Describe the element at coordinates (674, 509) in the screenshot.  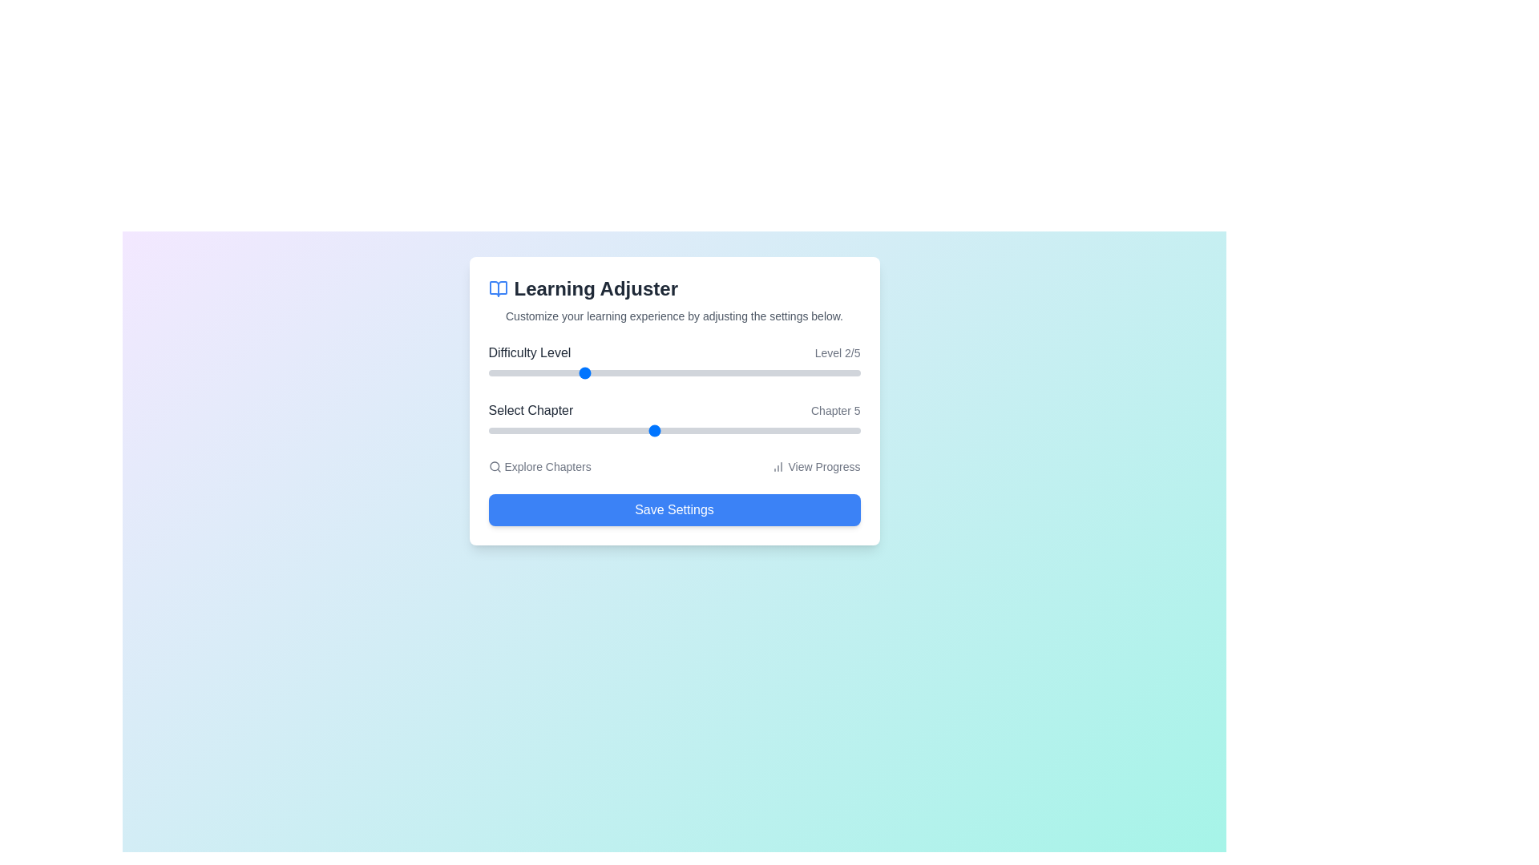
I see `the 'Save Settings' button` at that location.